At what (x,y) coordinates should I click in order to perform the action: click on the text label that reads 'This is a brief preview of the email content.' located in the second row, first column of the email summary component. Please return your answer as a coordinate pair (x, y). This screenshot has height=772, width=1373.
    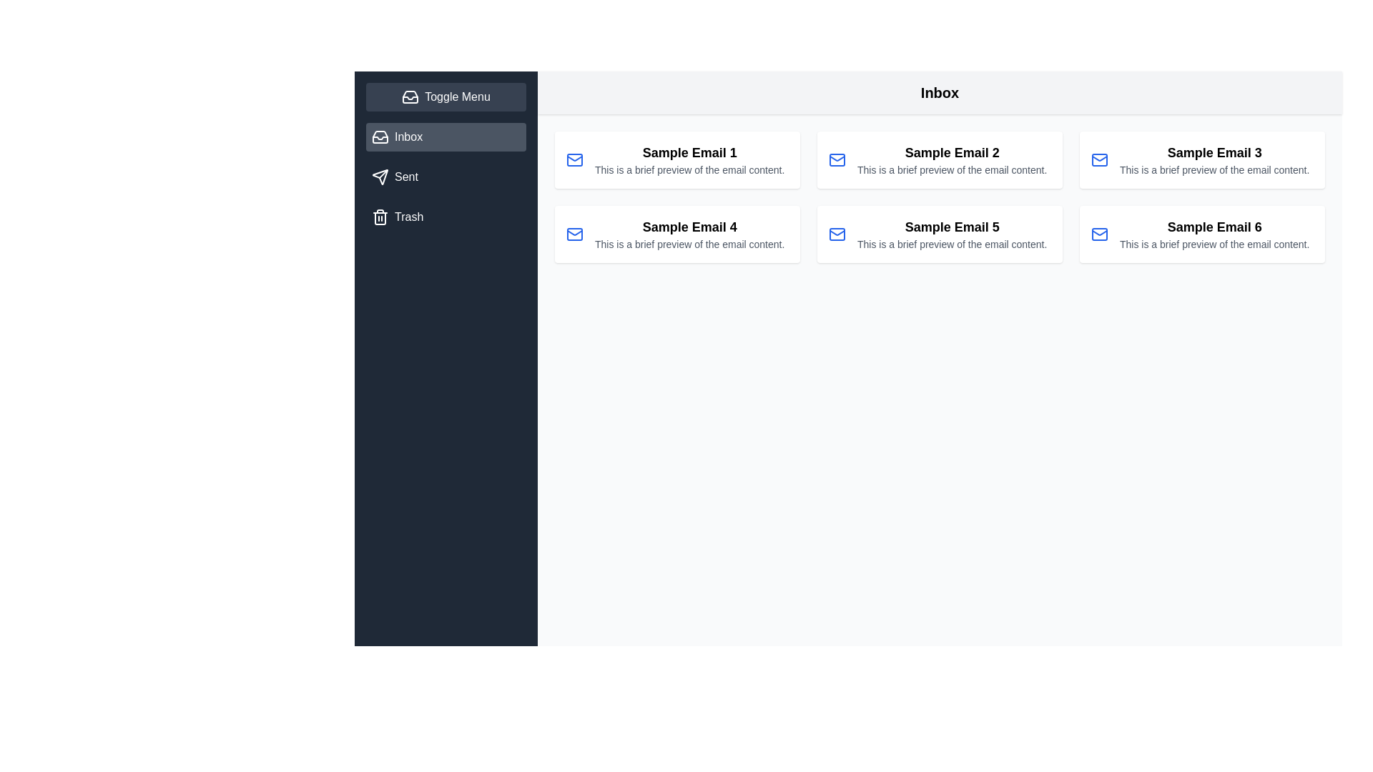
    Looking at the image, I should click on (689, 244).